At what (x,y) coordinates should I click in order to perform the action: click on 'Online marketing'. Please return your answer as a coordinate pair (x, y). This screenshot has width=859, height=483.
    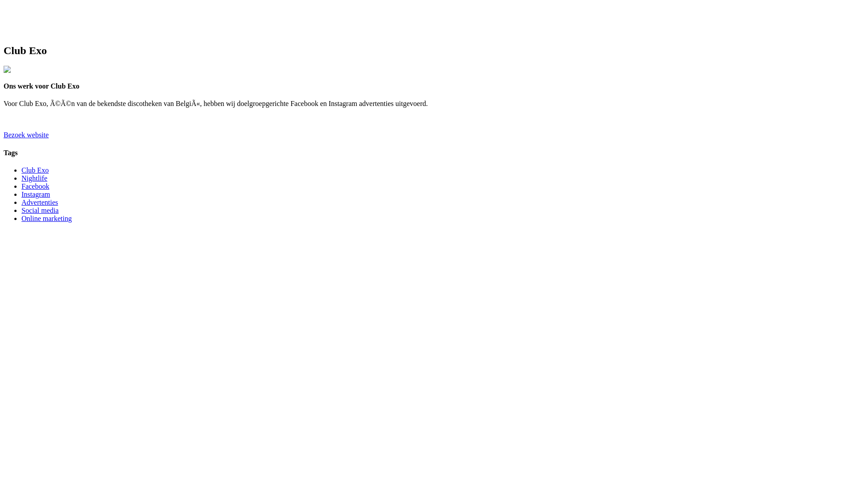
    Looking at the image, I should click on (46, 218).